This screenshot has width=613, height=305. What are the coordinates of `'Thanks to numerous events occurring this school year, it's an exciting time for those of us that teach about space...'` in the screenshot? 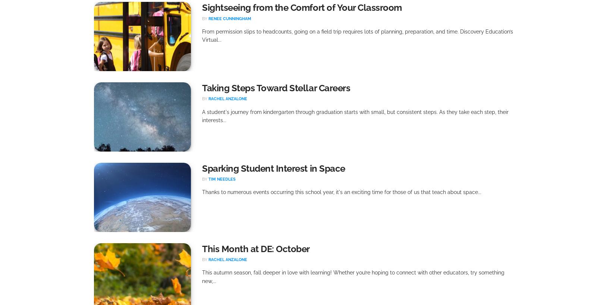 It's located at (342, 191).